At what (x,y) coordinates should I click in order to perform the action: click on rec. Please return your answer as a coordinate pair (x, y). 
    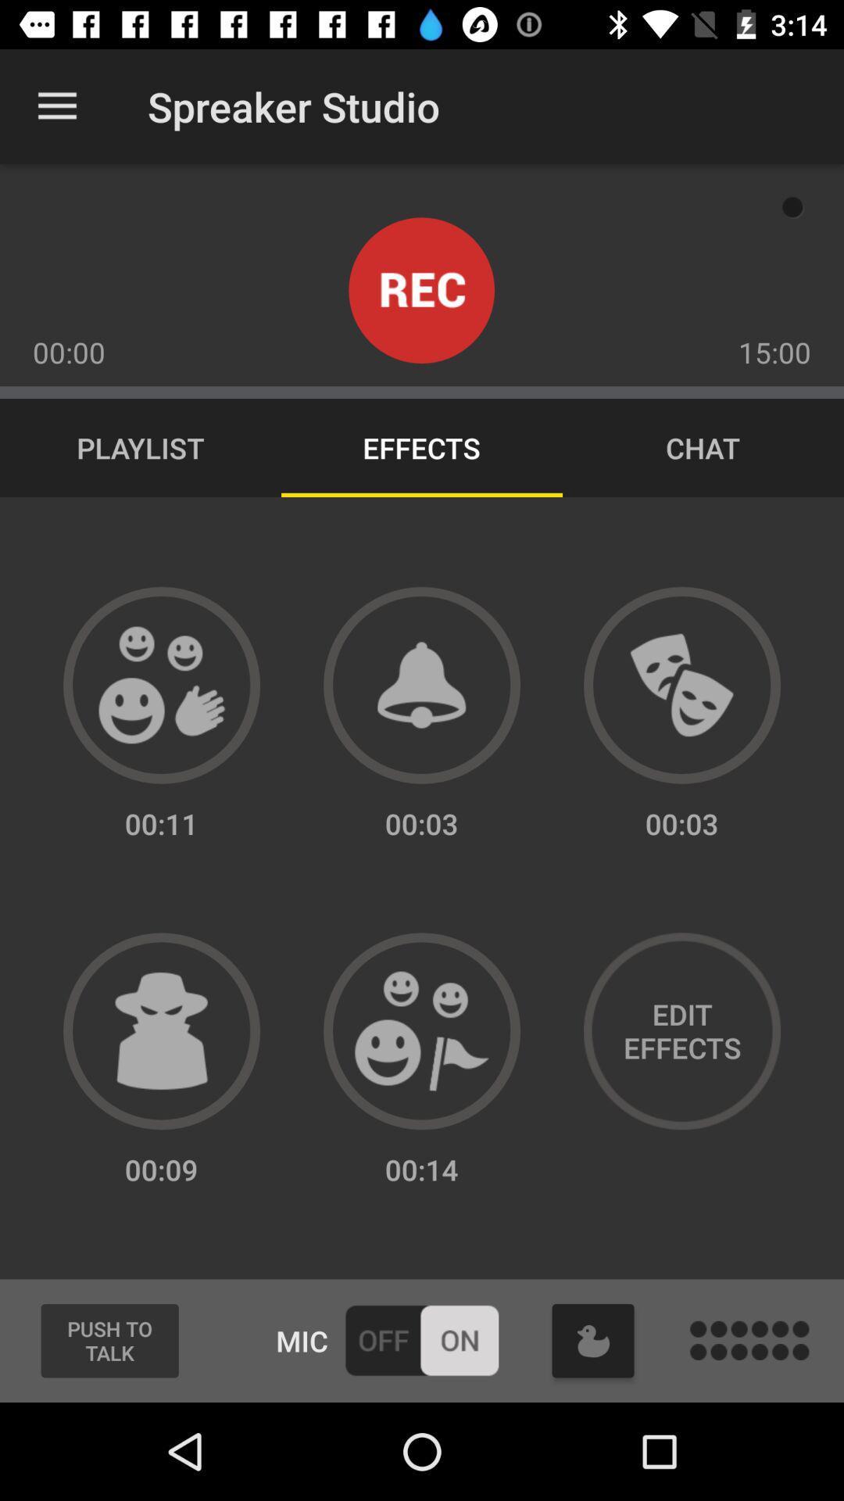
    Looking at the image, I should click on (420, 290).